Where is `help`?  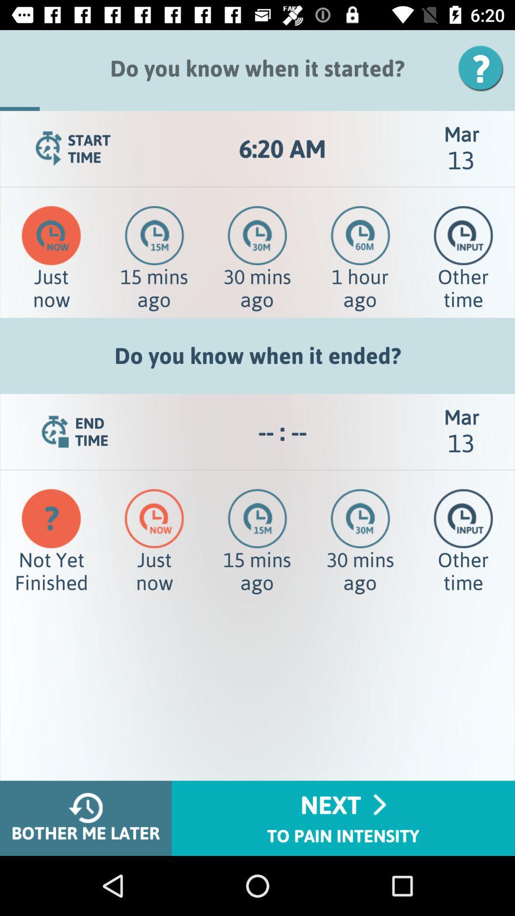
help is located at coordinates (484, 68).